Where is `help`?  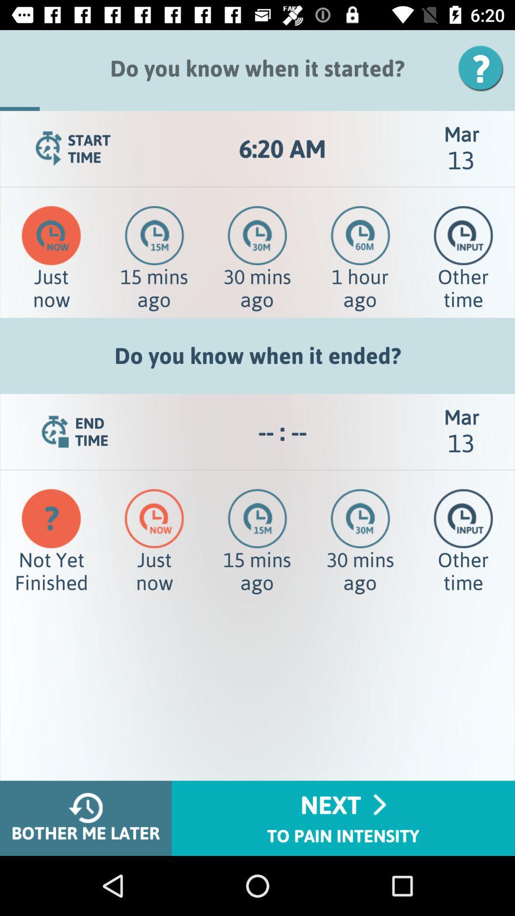
help is located at coordinates (484, 68).